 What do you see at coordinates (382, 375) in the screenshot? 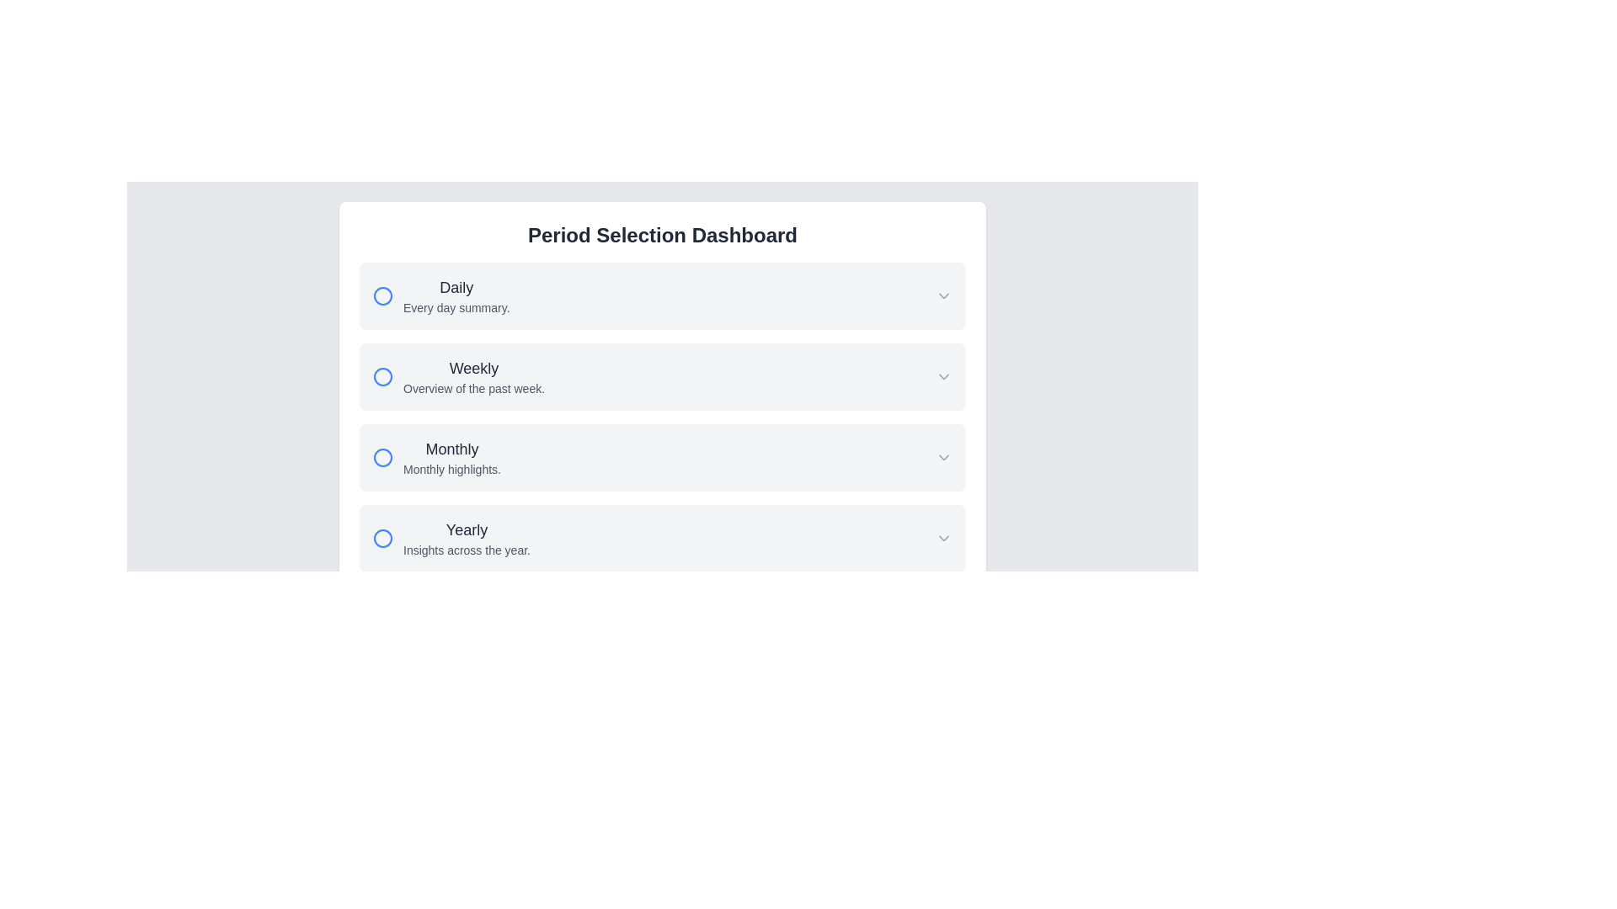
I see `the 'Weekly' radio button` at bounding box center [382, 375].